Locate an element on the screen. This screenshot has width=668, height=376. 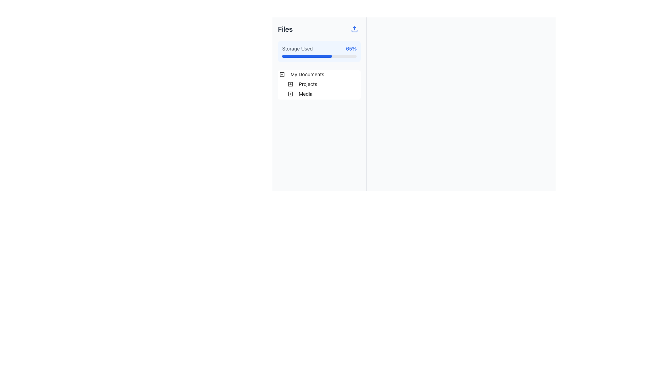
the horizontal indentation guide or spacer to the left of the 'Media' item in the file tree structure is located at coordinates (282, 94).